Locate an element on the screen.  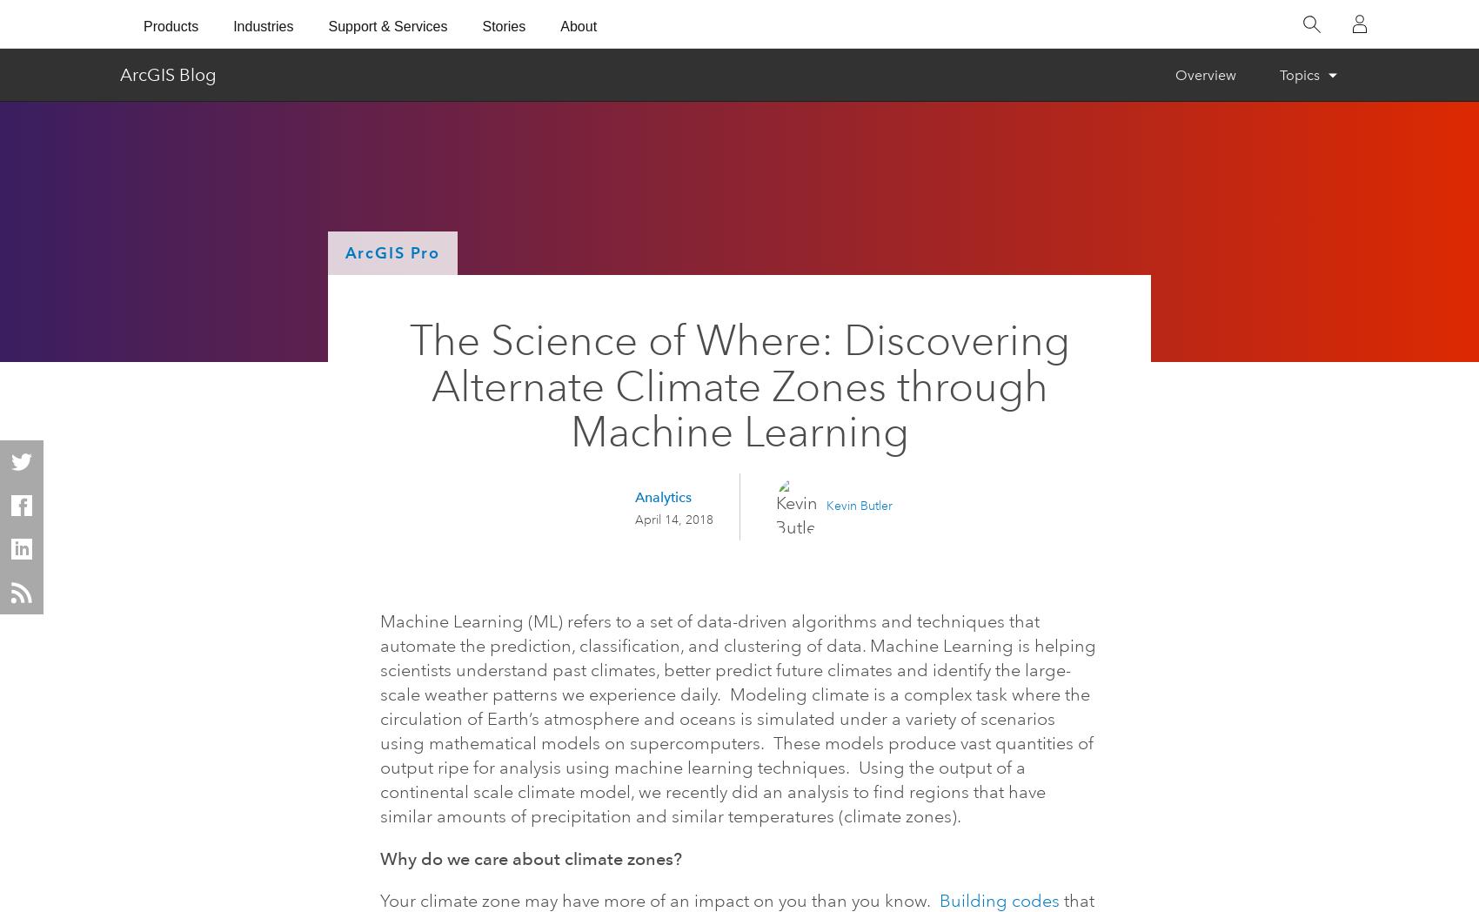
'ArcGIS Blog' is located at coordinates (167, 73).